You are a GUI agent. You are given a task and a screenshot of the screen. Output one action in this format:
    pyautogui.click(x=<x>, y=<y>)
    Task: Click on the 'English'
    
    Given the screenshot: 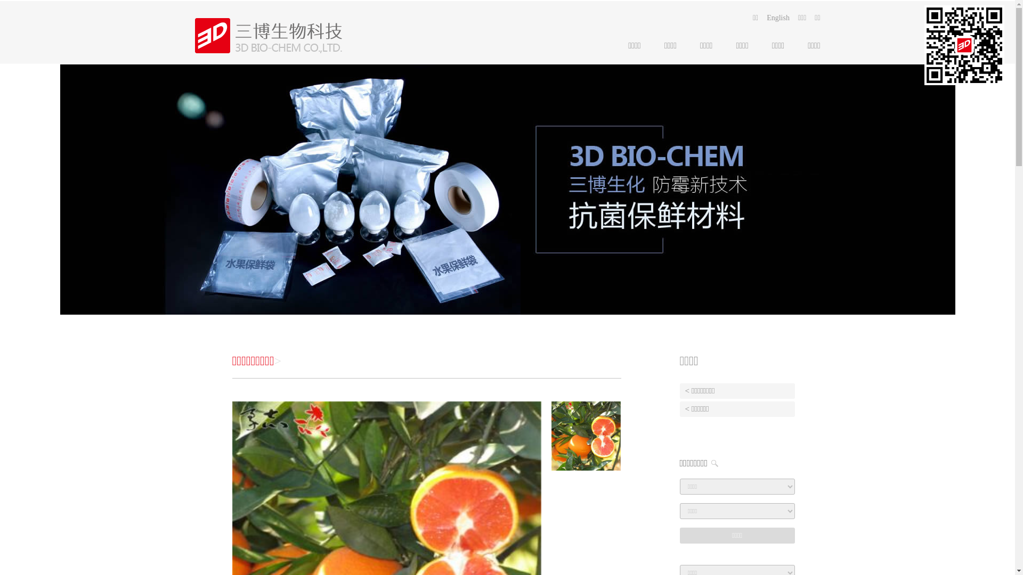 What is the action you would take?
    pyautogui.click(x=778, y=18)
    